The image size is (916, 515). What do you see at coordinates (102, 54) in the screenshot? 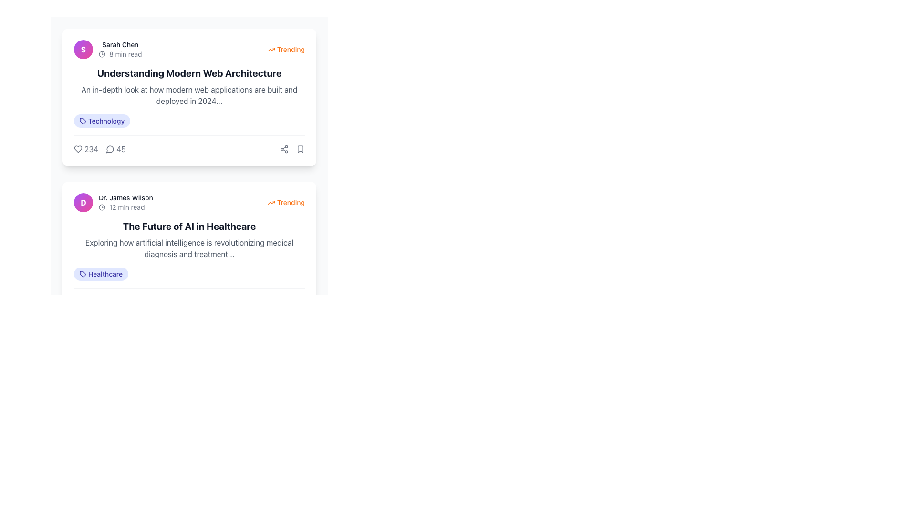
I see `the time duration icon located to the left of the '8 min read' text` at bounding box center [102, 54].